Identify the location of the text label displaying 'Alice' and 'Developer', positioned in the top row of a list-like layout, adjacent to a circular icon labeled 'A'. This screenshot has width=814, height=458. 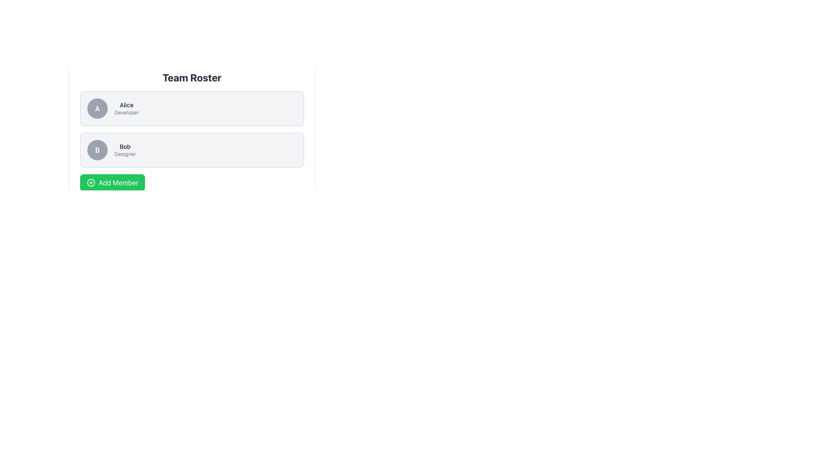
(126, 108).